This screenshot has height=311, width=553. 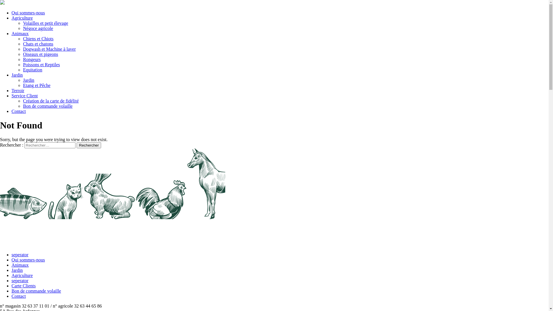 I want to click on 'Bon de commande volaille', so click(x=23, y=106).